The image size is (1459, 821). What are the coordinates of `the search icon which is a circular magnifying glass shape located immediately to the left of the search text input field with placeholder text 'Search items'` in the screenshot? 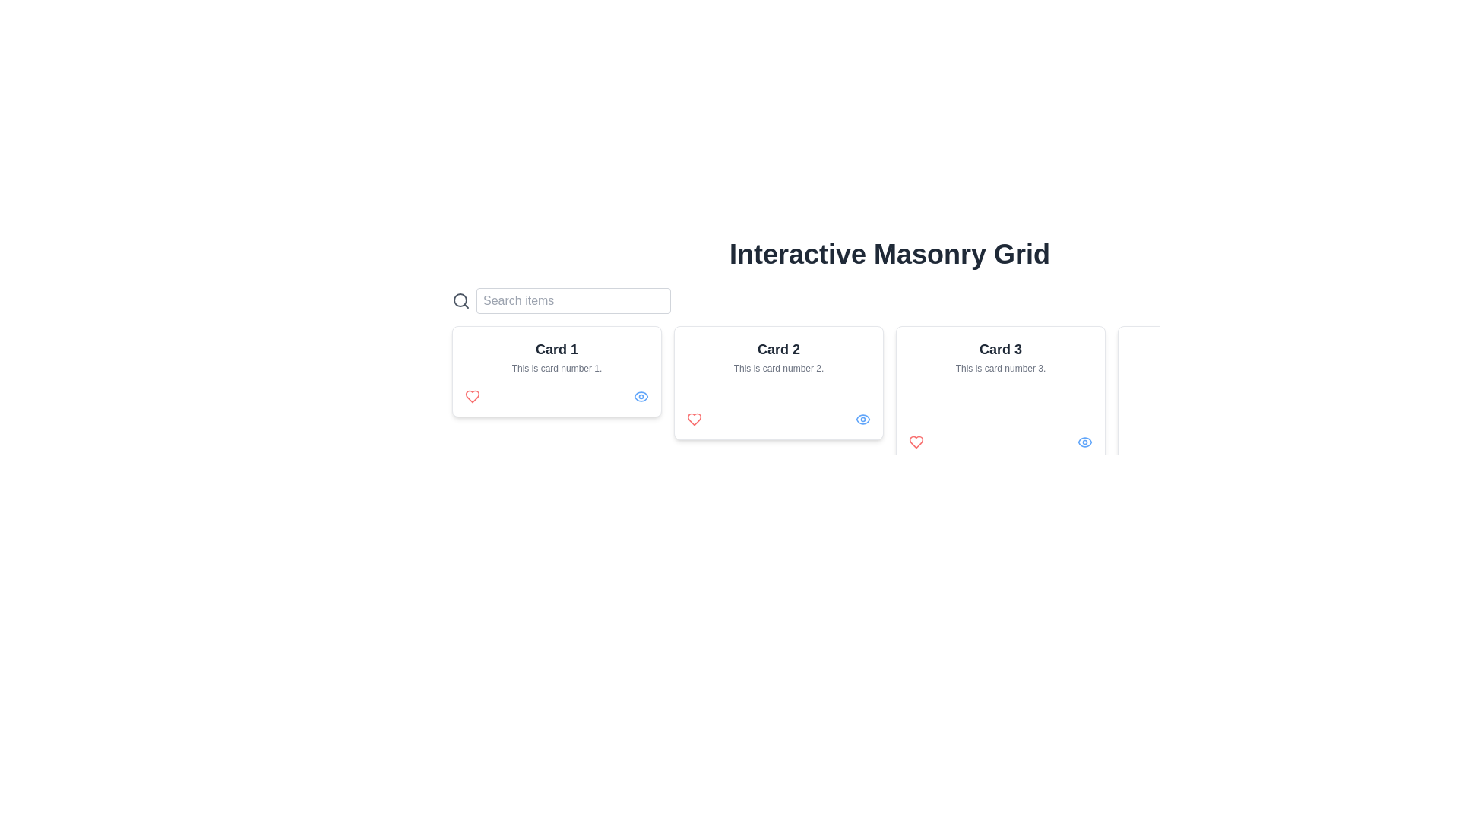 It's located at (460, 301).